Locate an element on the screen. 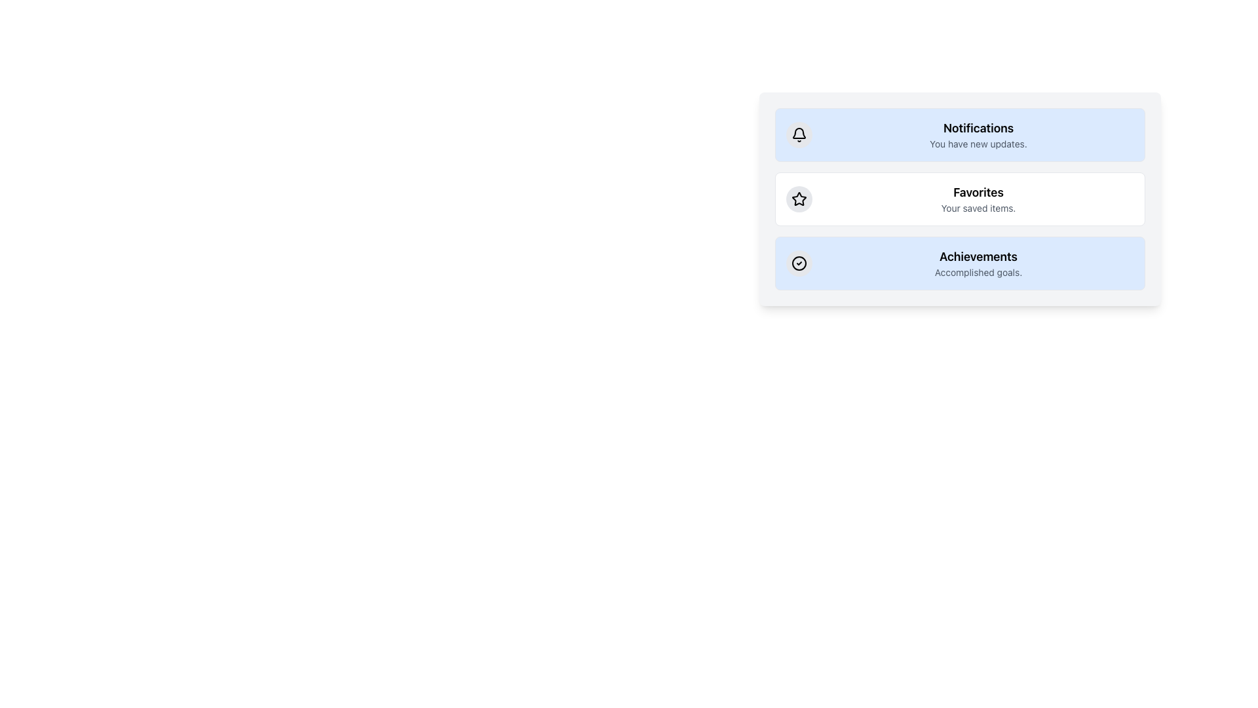 Image resolution: width=1258 pixels, height=708 pixels. the 'Favorites' card, which is the second card in a group of three is located at coordinates (960, 199).